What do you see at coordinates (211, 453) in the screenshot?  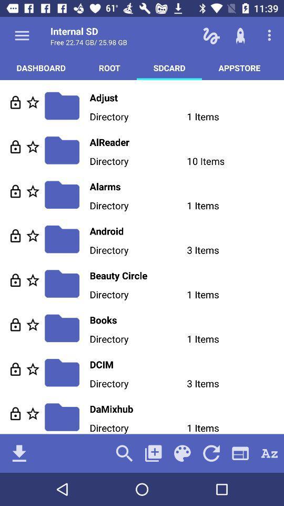 I see `icon below 1 items icon` at bounding box center [211, 453].